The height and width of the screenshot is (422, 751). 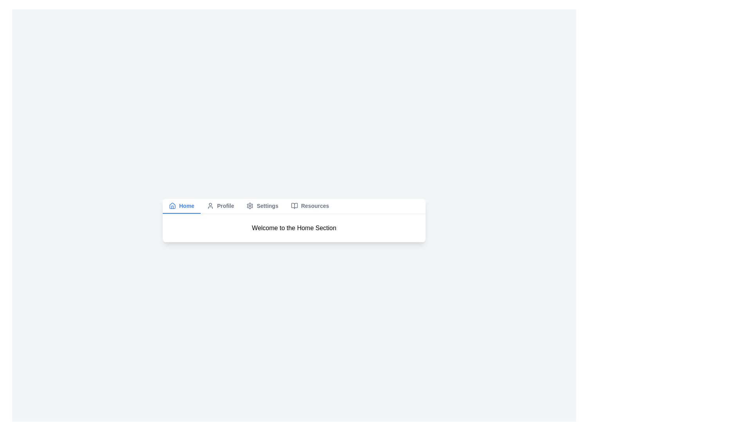 What do you see at coordinates (250, 205) in the screenshot?
I see `the cogwheel icon located left of the 'Settings' word in the navigation bar` at bounding box center [250, 205].